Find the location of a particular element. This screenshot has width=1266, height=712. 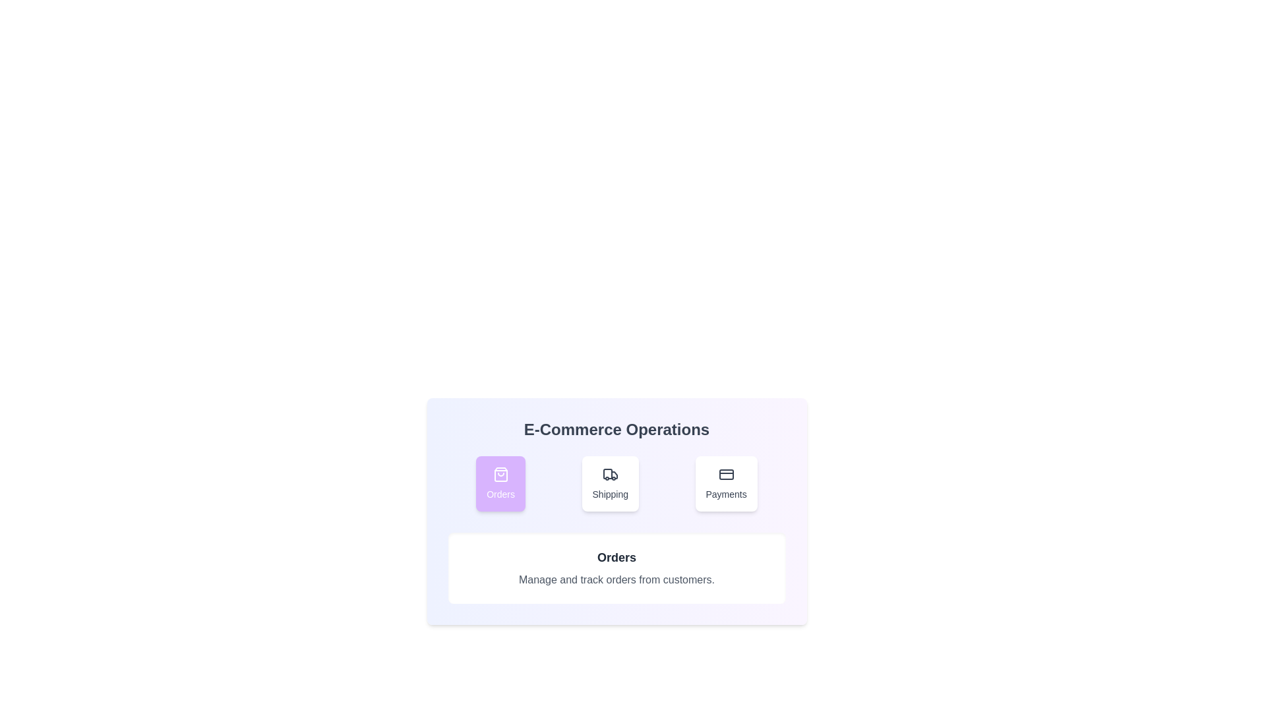

the shopping bag icon located within the 'Orders' section of the interface, which is the leftmost icon in a horizontal row of three, below the header 'E-Commerce Operations' is located at coordinates (500, 475).